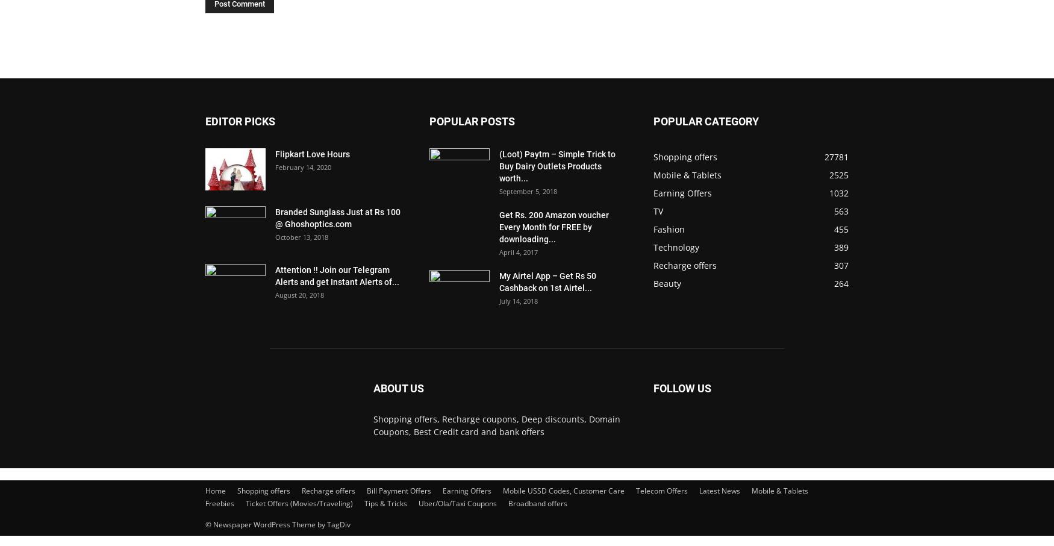  Describe the element at coordinates (312, 154) in the screenshot. I see `'Flipkart Love Hours'` at that location.